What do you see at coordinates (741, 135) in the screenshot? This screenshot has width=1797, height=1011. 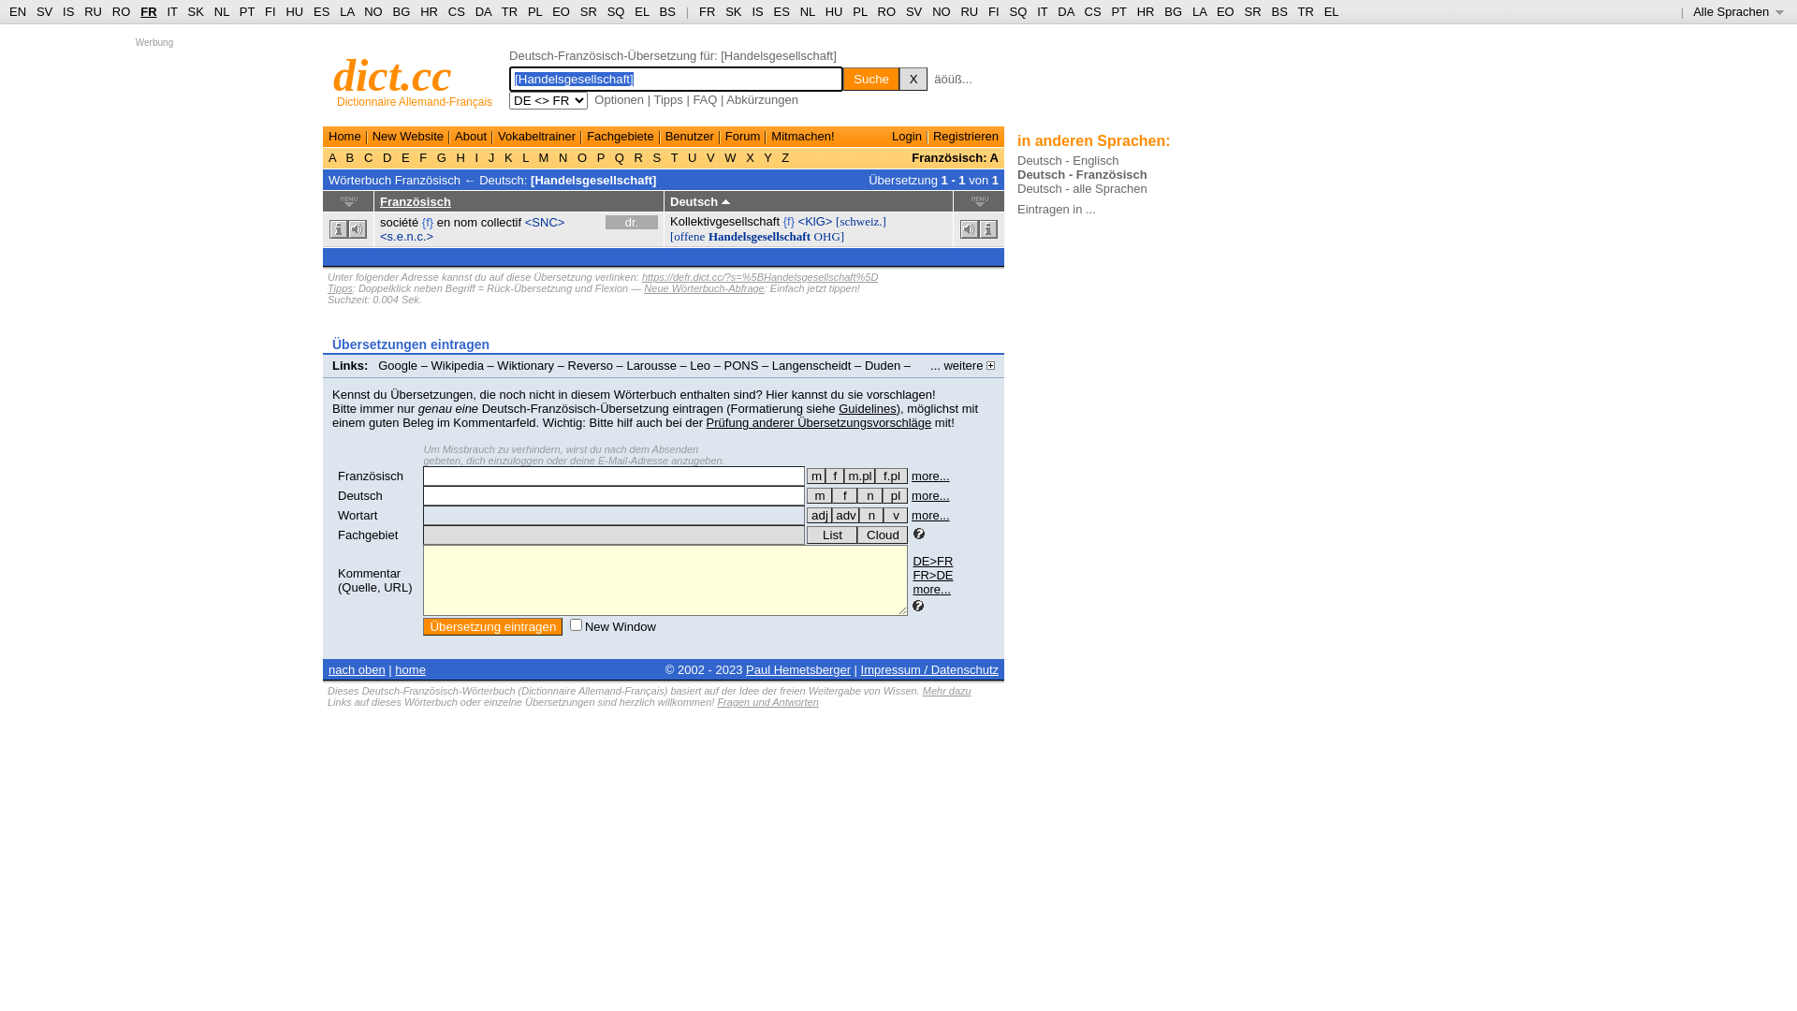 I see `'Forum'` at bounding box center [741, 135].